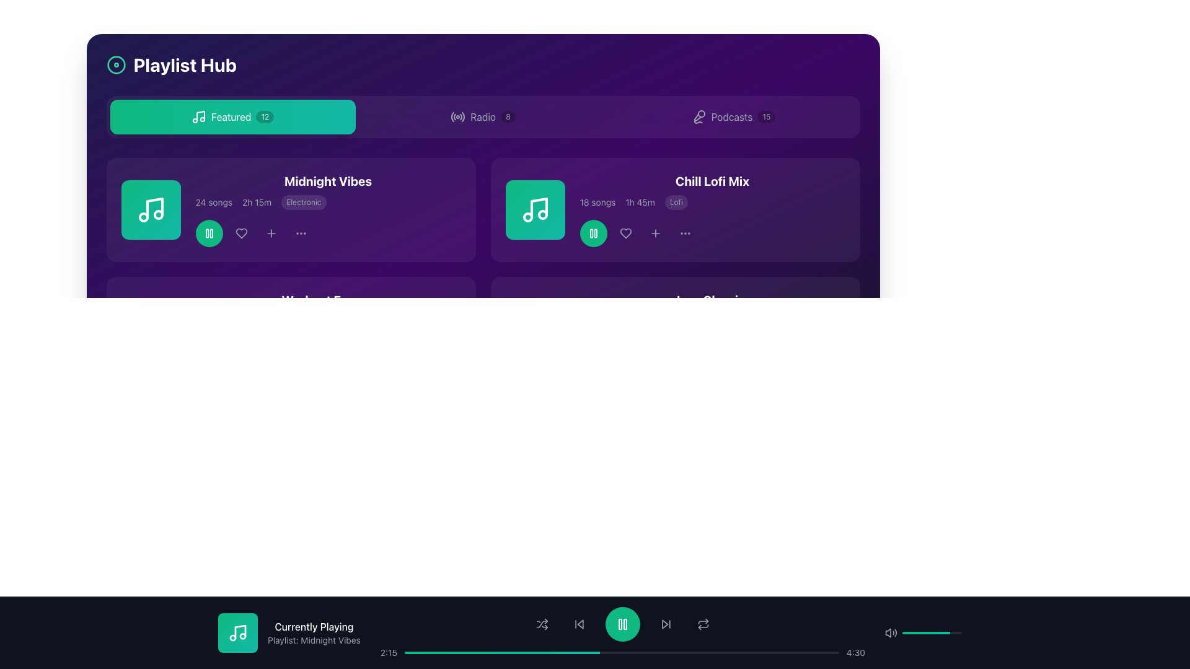 The height and width of the screenshot is (669, 1190). I want to click on the slider, so click(907, 633).